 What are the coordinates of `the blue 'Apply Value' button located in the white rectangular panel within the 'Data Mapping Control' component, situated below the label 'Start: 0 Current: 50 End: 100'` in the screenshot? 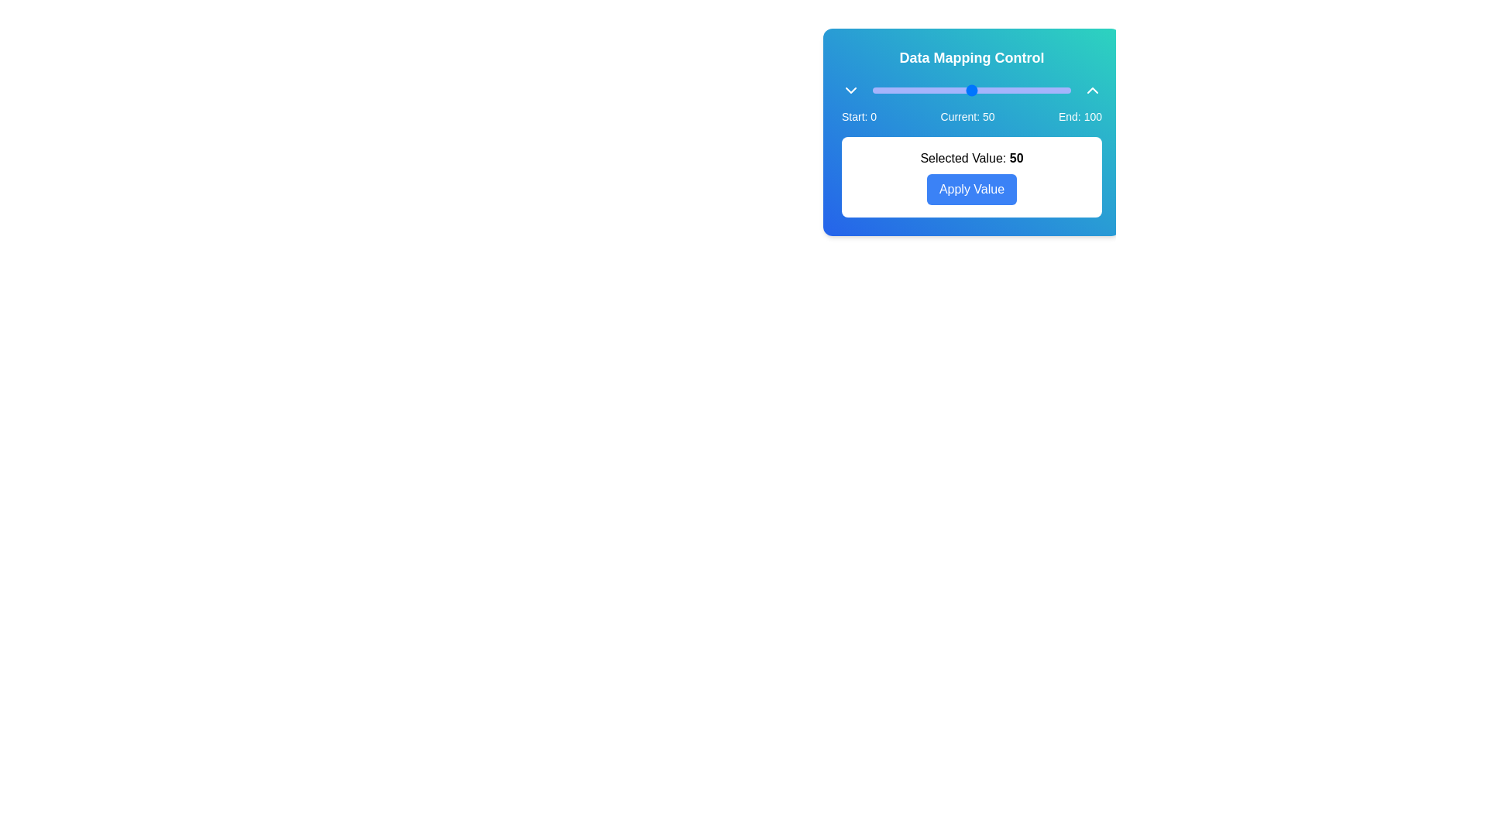 It's located at (970, 176).